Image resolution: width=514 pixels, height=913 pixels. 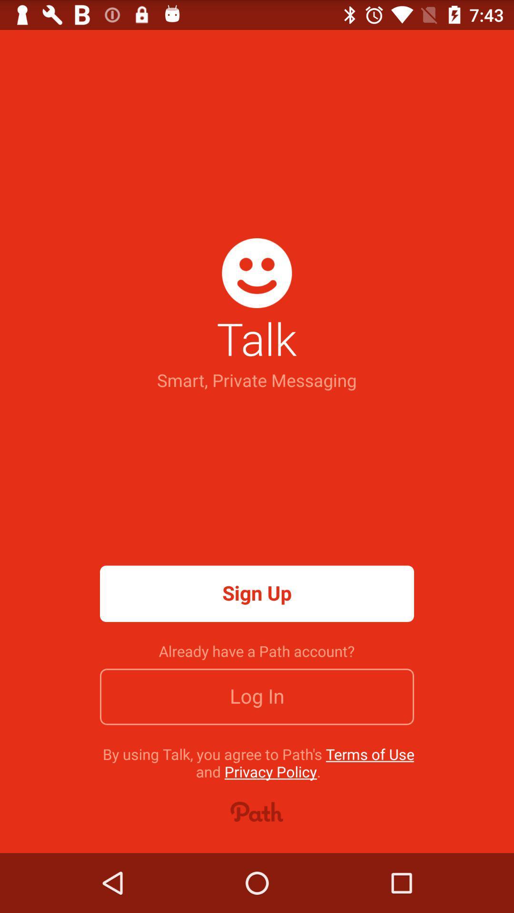 What do you see at coordinates (258, 763) in the screenshot?
I see `item below the log in item` at bounding box center [258, 763].